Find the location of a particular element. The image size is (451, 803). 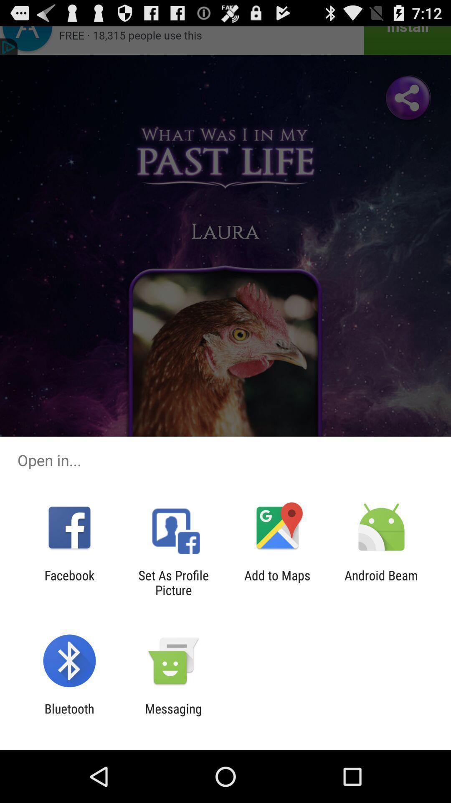

facebook icon is located at coordinates (69, 582).